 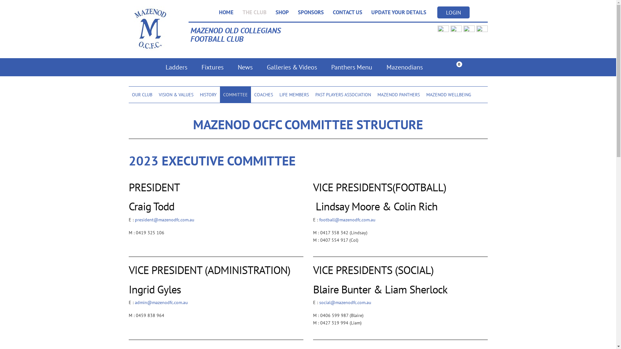 I want to click on 'COACHES', so click(x=264, y=95).